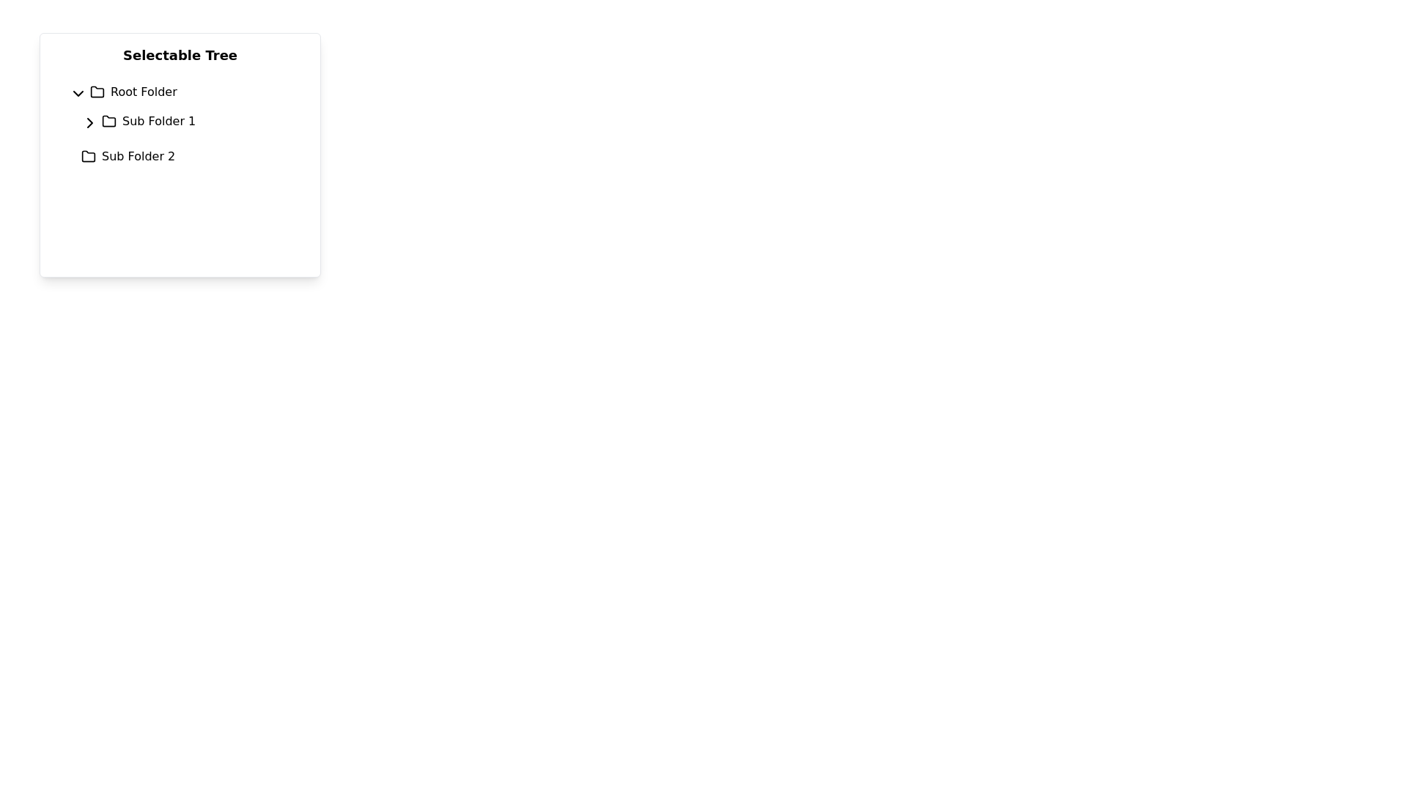 The height and width of the screenshot is (791, 1407). Describe the element at coordinates (89, 122) in the screenshot. I see `the icon or SVG graphic to the right of the label 'Sub Folder 1'` at that location.